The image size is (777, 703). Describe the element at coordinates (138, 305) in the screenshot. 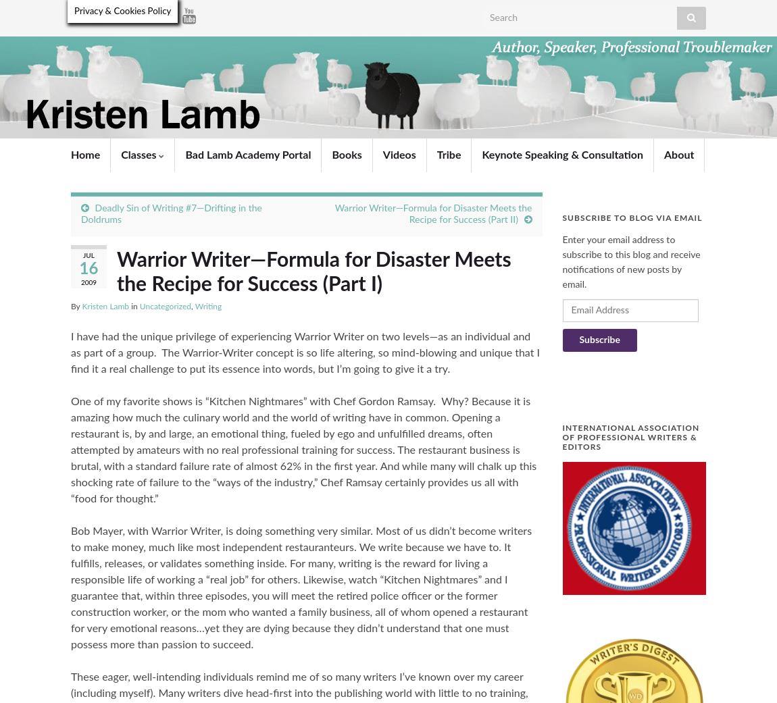

I see `'Uncategorized'` at that location.